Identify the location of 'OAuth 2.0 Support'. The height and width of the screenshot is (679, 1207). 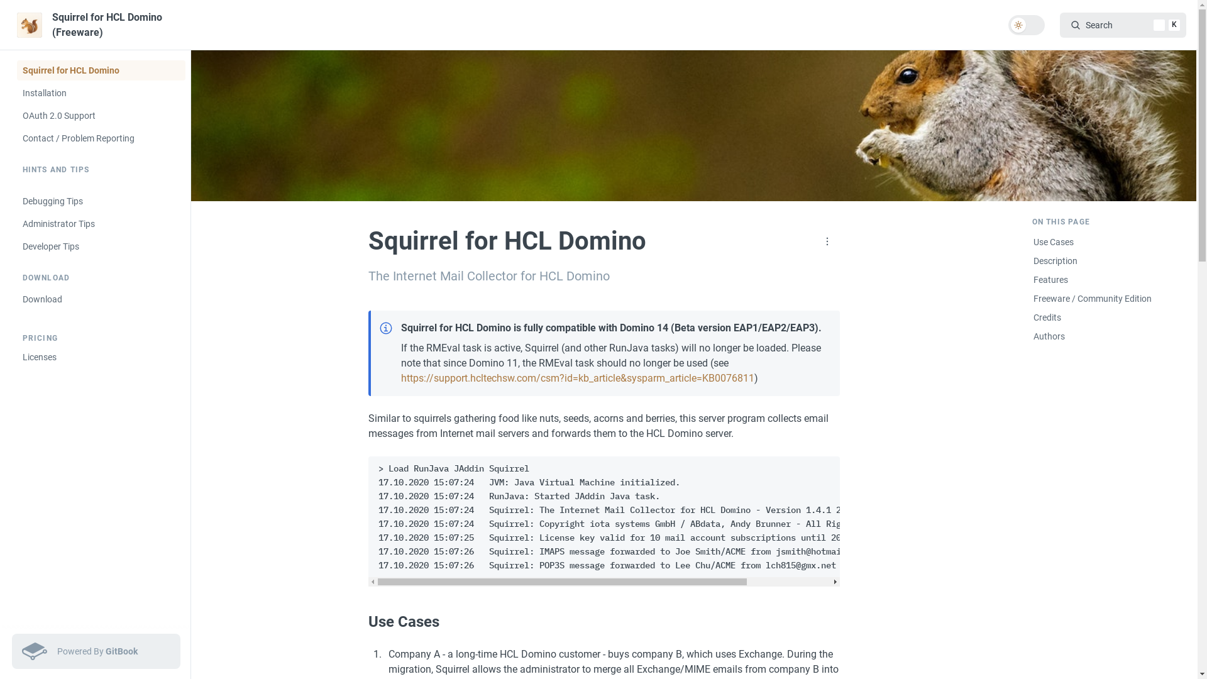
(99, 116).